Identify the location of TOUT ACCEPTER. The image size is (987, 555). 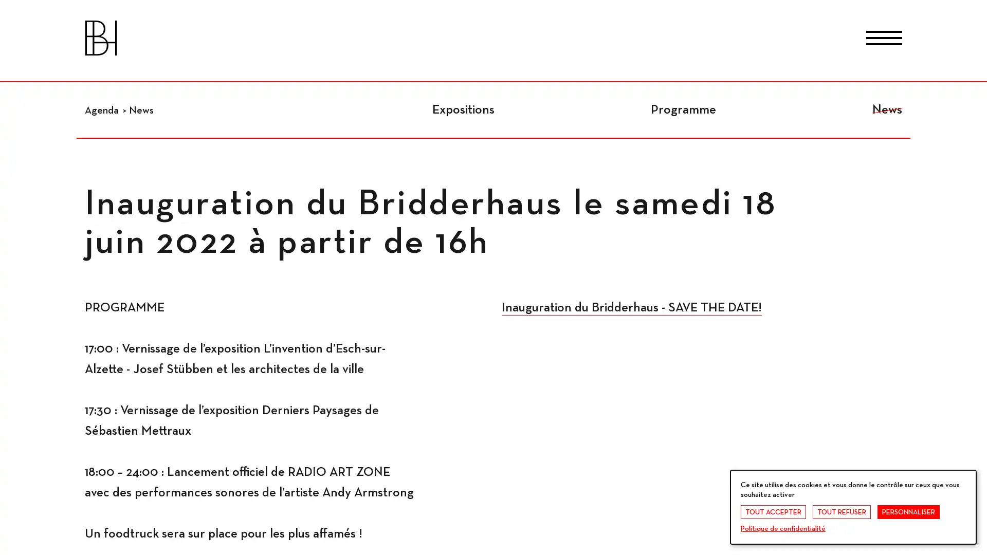
(773, 512).